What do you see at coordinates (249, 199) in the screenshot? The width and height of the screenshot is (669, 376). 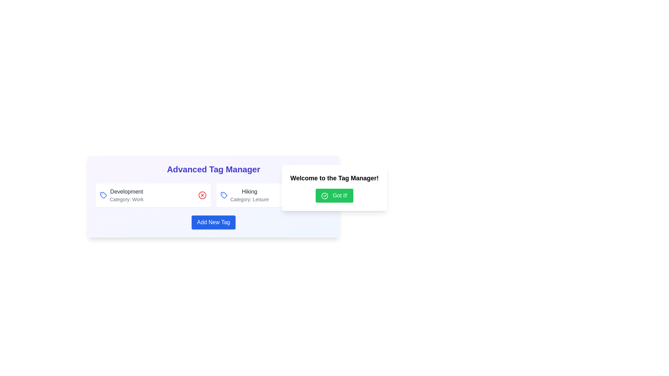 I see `static text element that contains 'Category: Leisure', styled in a smaller font size and gray color, positioned below 'Hiking' within the second tile of the 'Advanced Tag Manager' section` at bounding box center [249, 199].